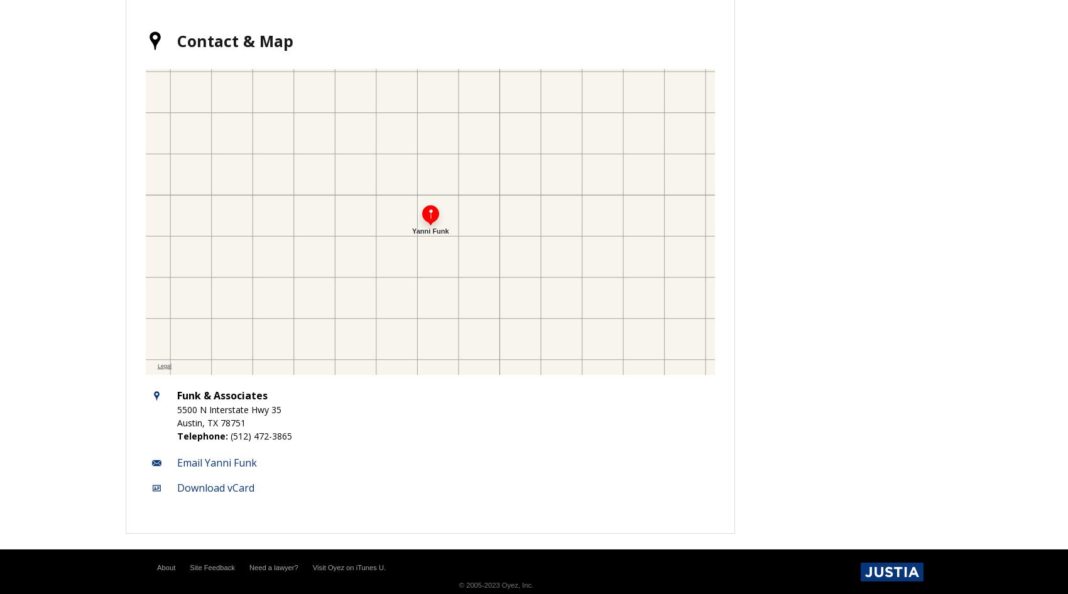 The width and height of the screenshot is (1068, 594). What do you see at coordinates (228, 409) in the screenshot?
I see `'5500 N Interstate Hwy 35'` at bounding box center [228, 409].